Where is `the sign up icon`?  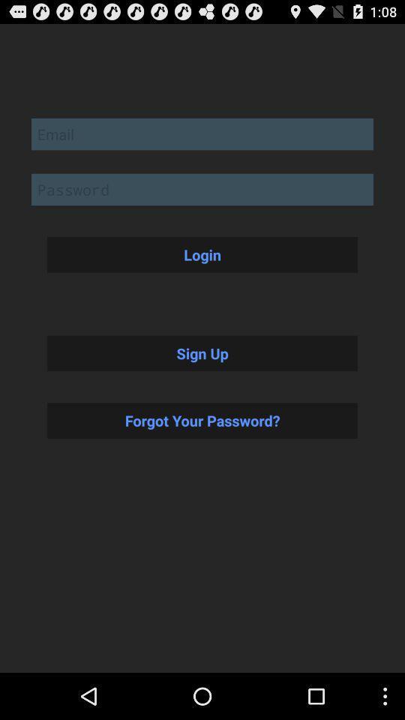 the sign up icon is located at coordinates (202, 353).